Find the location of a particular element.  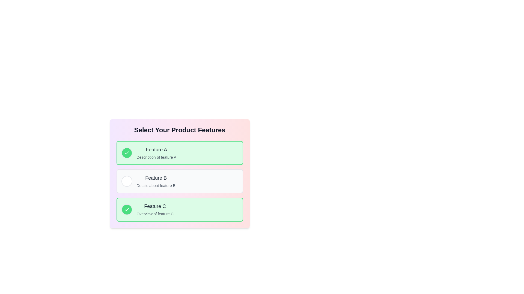

text block displaying the name and details of 'Feature A', which is centered in the first card of a vertical stack of selectable feature options is located at coordinates (156, 153).